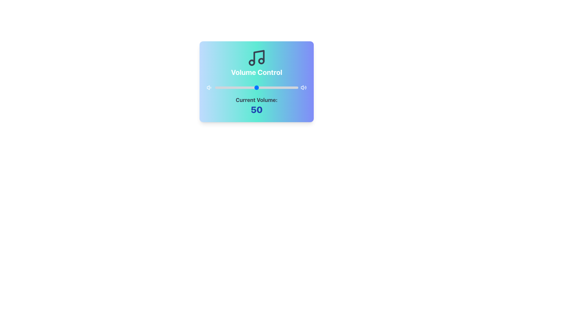 This screenshot has width=571, height=321. What do you see at coordinates (287, 87) in the screenshot?
I see `the slider` at bounding box center [287, 87].